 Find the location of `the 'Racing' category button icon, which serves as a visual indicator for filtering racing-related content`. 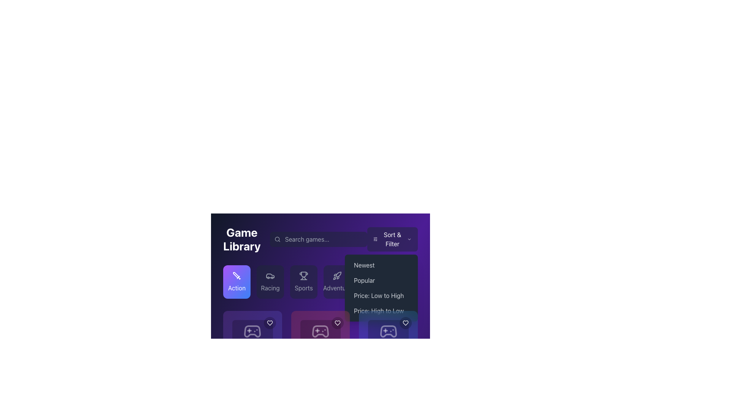

the 'Racing' category button icon, which serves as a visual indicator for filtering racing-related content is located at coordinates (270, 276).